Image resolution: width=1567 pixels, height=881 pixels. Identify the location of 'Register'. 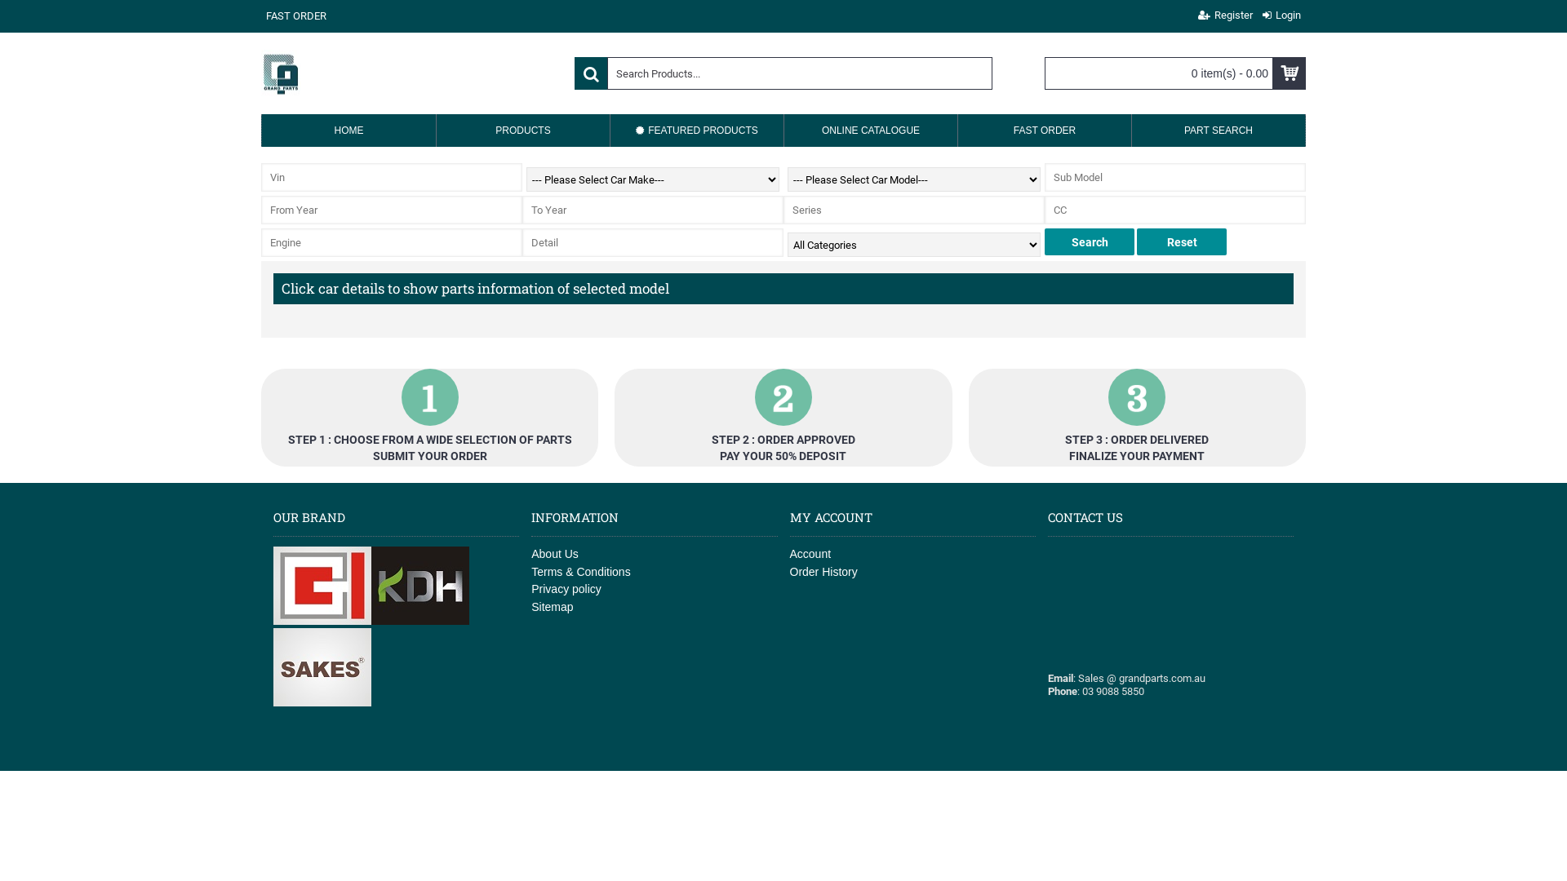
(1193, 15).